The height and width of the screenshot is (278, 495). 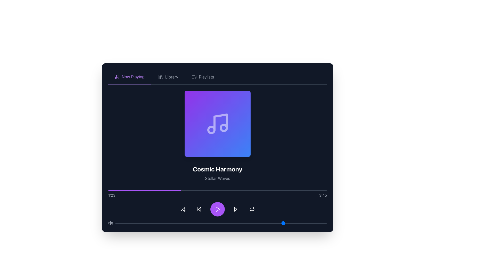 I want to click on the music note icon with a purple outline located at the far left of the top navigation bar, preceding the text 'Now Playing', so click(x=117, y=76).